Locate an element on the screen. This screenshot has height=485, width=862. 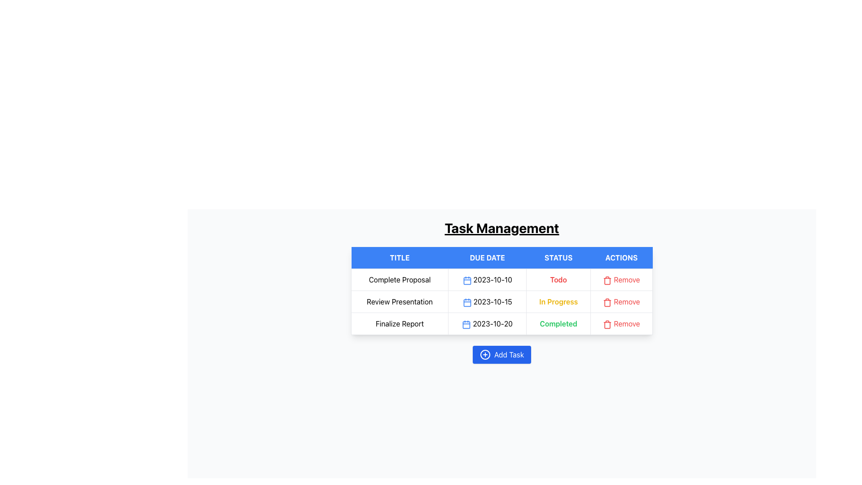
the 'DUE DATE' column header, which is the second header is located at coordinates (487, 258).